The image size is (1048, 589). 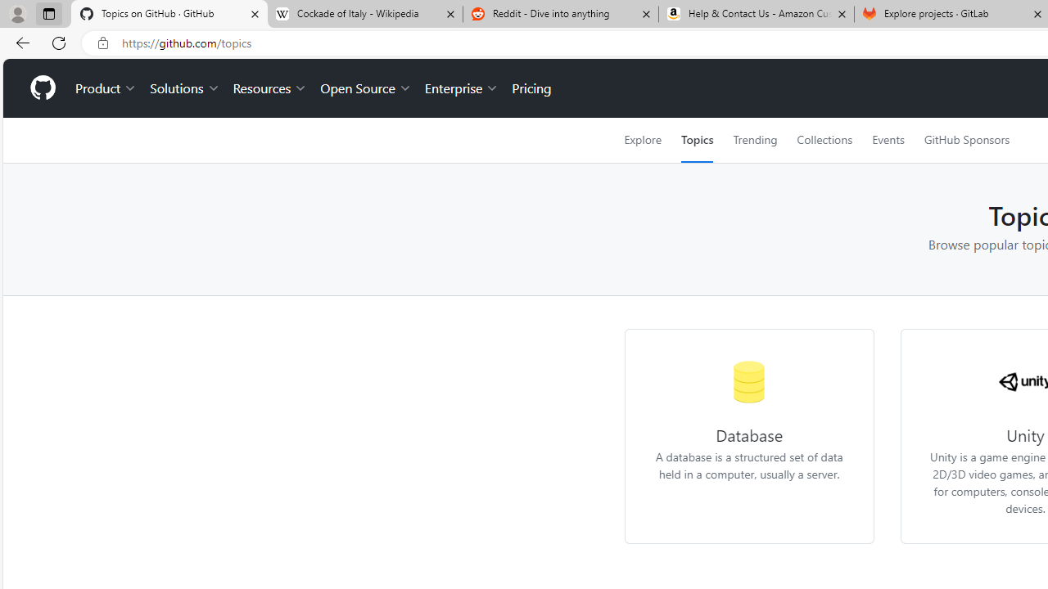 I want to click on 'Resources', so click(x=270, y=88).